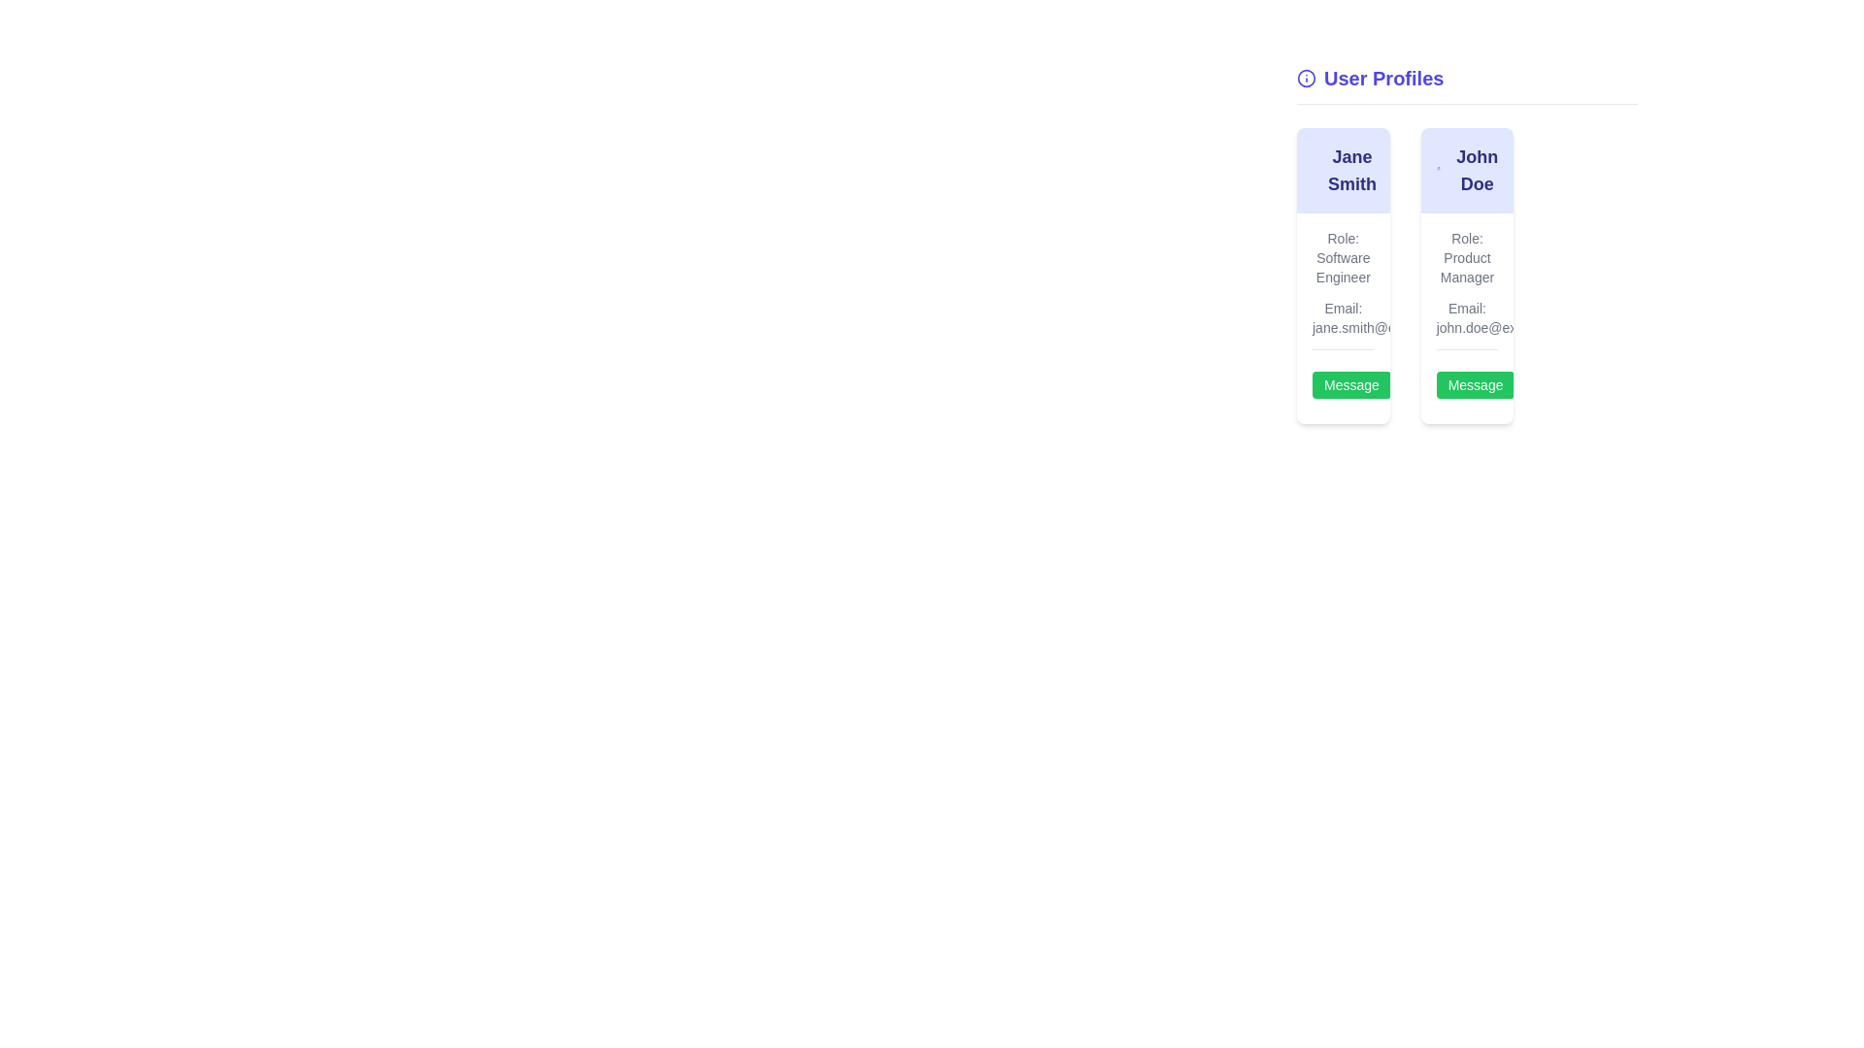 The height and width of the screenshot is (1048, 1864). What do you see at coordinates (1467, 170) in the screenshot?
I see `the 'John Doe' text element` at bounding box center [1467, 170].